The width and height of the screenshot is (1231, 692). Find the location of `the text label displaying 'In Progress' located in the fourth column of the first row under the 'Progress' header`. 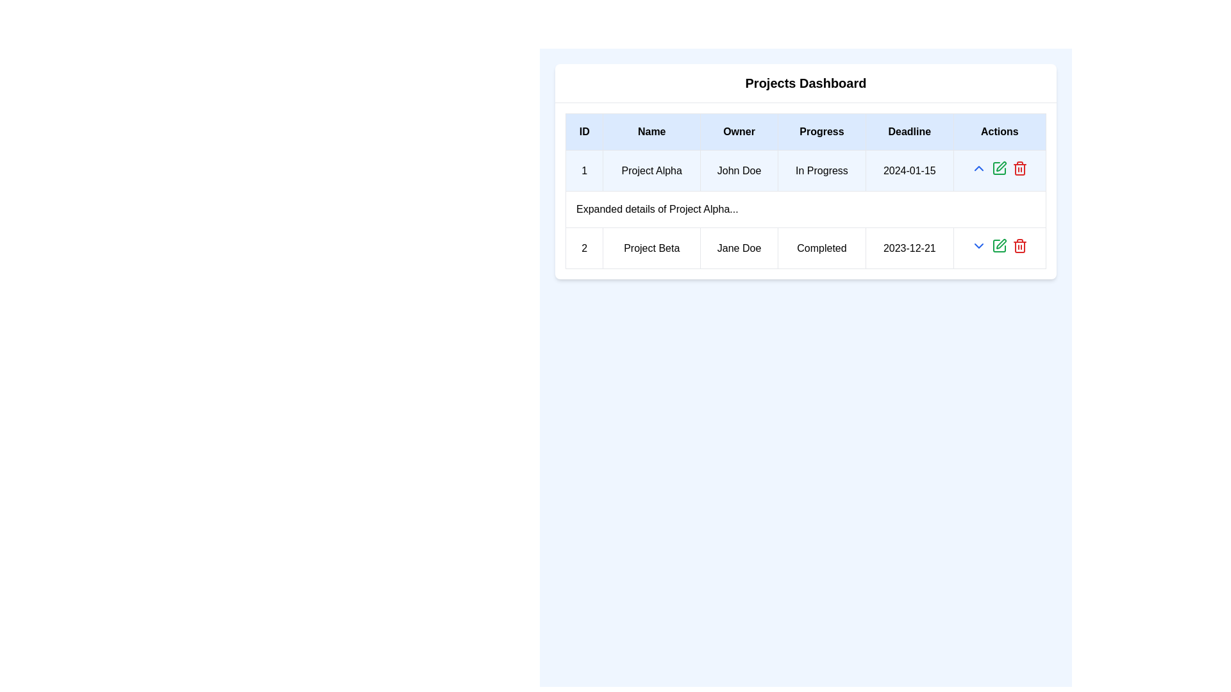

the text label displaying 'In Progress' located in the fourth column of the first row under the 'Progress' header is located at coordinates (821, 170).